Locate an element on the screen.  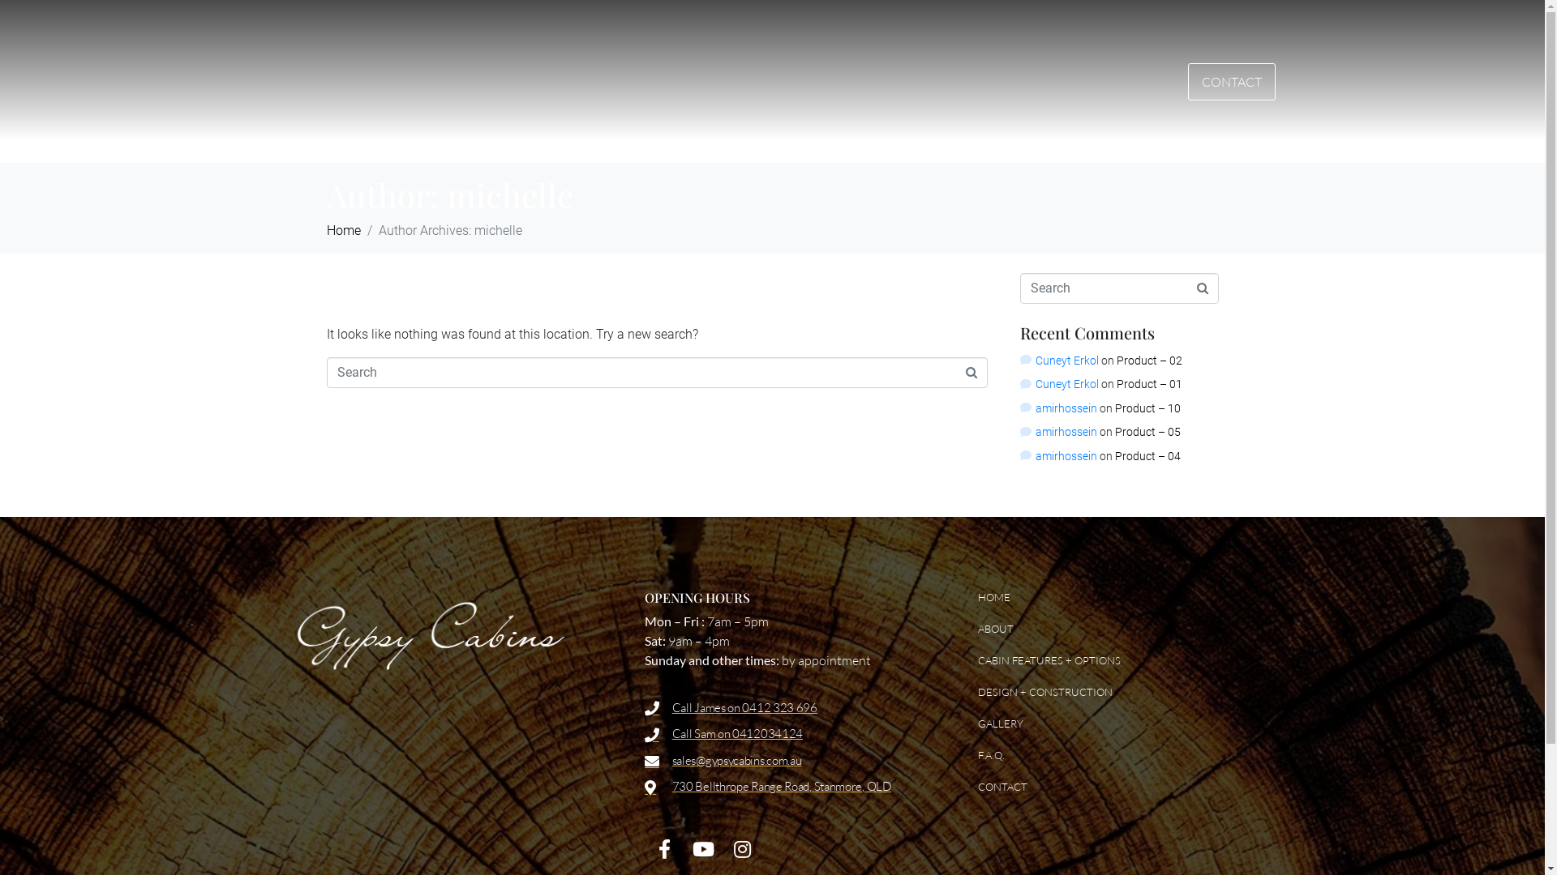
'DESIGN + CONSTRUCTION' is located at coordinates (976, 692).